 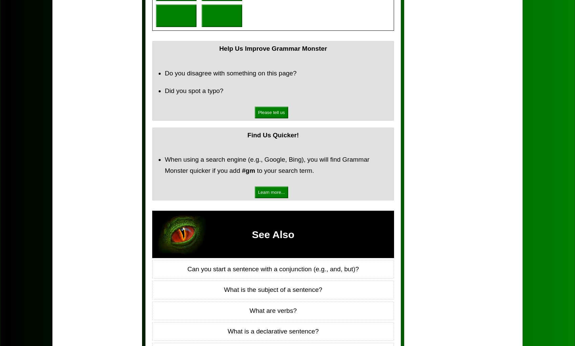 What do you see at coordinates (272, 310) in the screenshot?
I see `'What are verbs?'` at bounding box center [272, 310].